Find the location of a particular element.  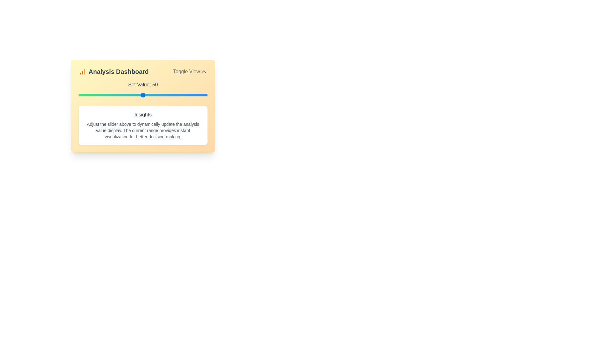

'Toggle View' button to toggle the visibility of the insights section is located at coordinates (190, 71).